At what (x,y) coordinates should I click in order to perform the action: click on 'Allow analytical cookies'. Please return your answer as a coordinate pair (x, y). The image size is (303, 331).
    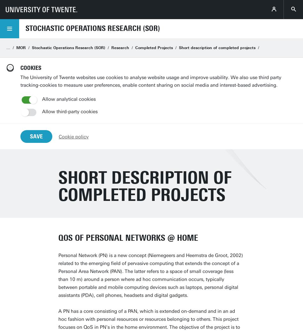
    Looking at the image, I should click on (42, 99).